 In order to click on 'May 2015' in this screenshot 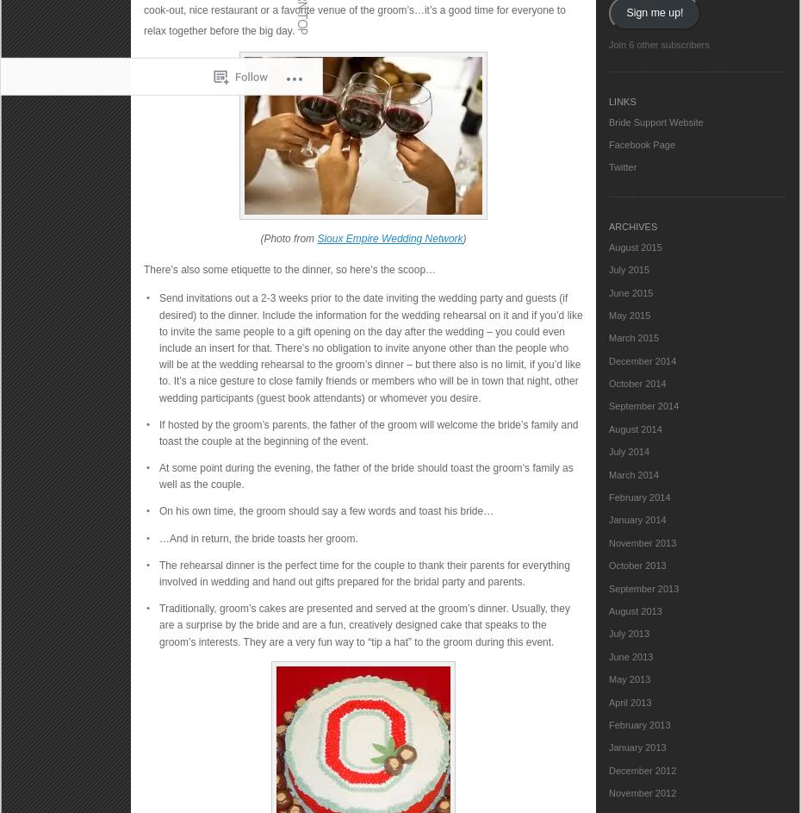, I will do `click(629, 315)`.